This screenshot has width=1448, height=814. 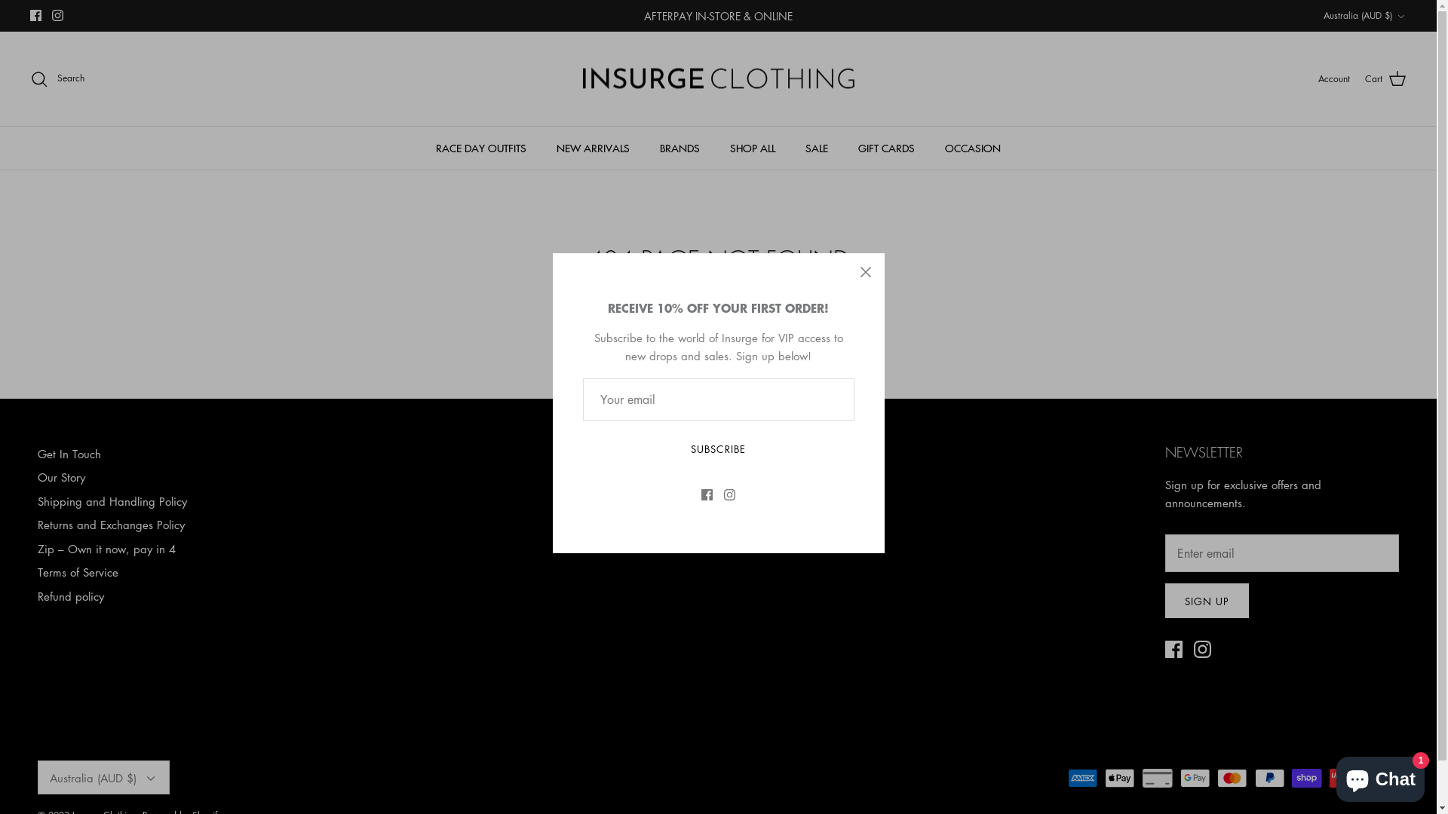 I want to click on 'home page', so click(x=753, y=313).